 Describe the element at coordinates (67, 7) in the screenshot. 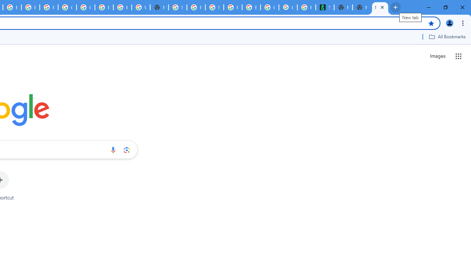

I see `'Google Cloud Platform'` at that location.